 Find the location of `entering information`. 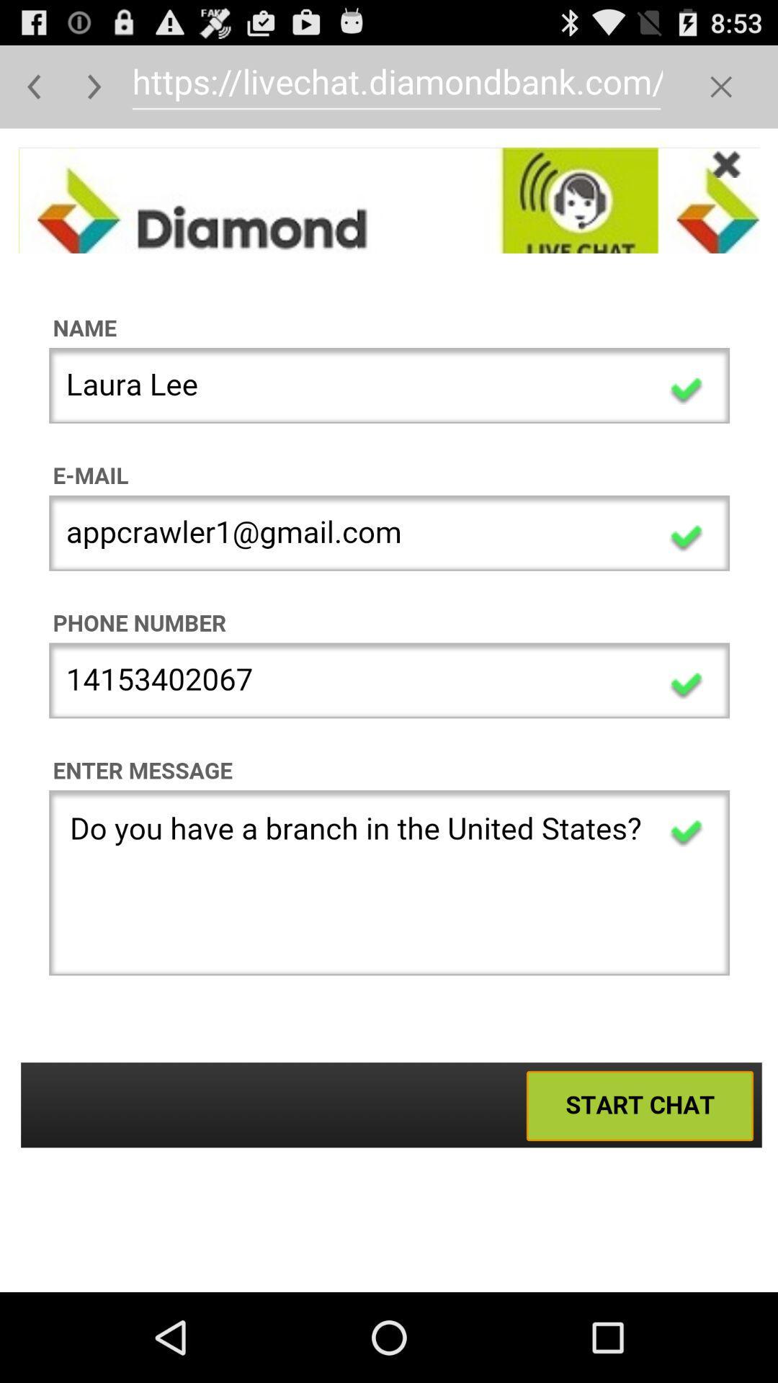

entering information is located at coordinates (389, 710).